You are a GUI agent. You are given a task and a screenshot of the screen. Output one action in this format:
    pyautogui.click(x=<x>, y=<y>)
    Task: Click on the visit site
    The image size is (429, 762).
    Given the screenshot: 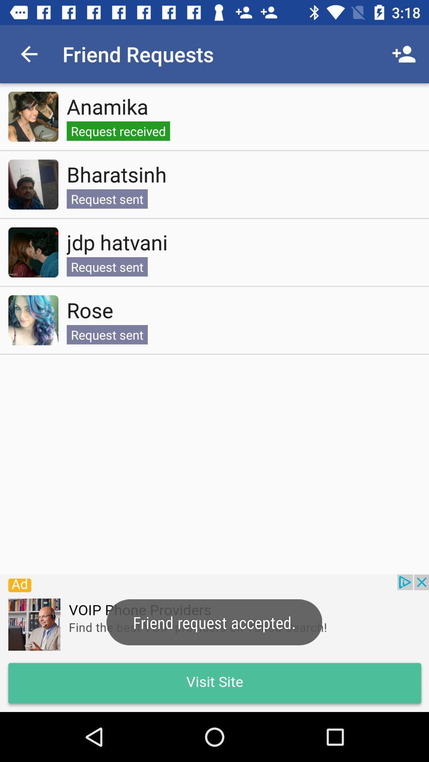 What is the action you would take?
    pyautogui.click(x=214, y=643)
    